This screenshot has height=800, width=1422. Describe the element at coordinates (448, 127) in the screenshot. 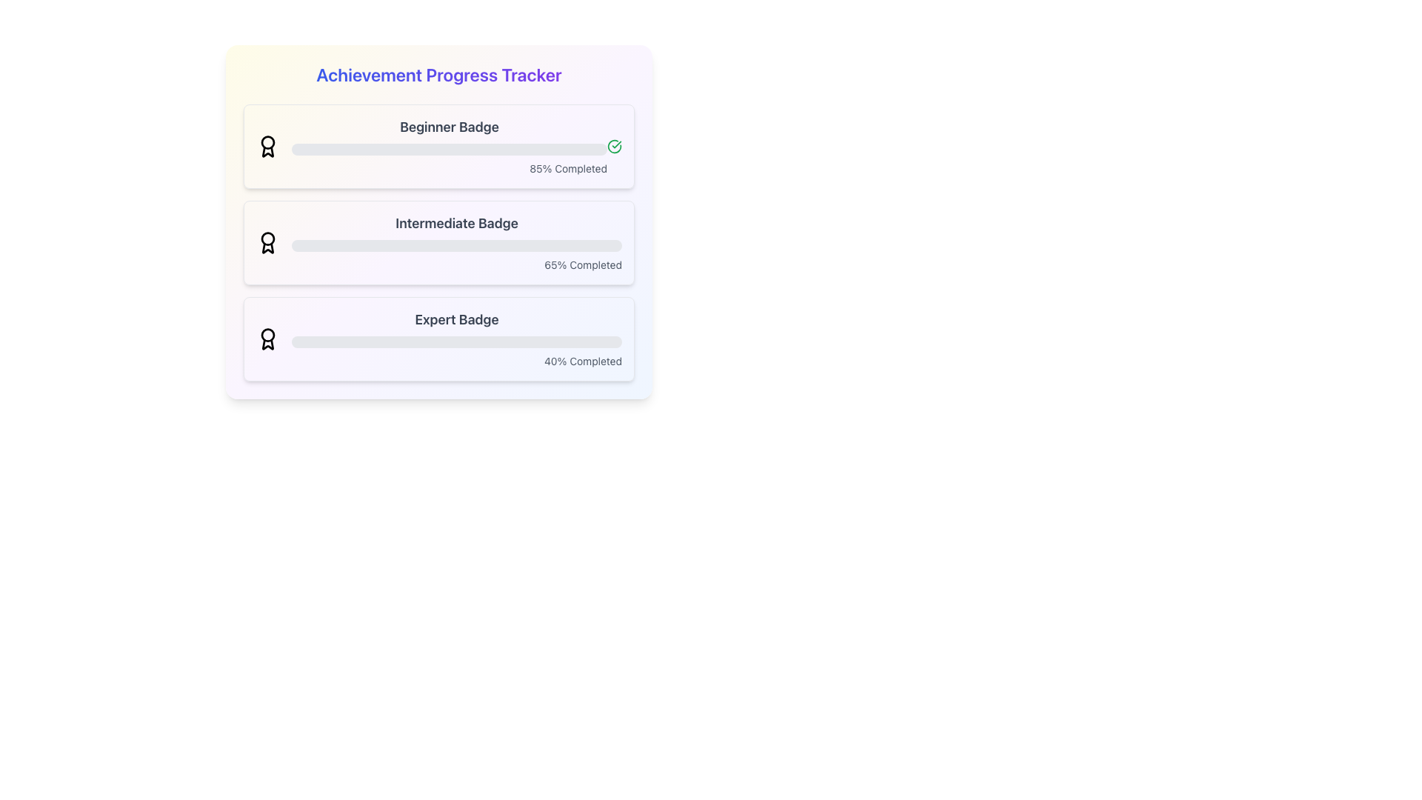

I see `the Text label that serves as a title for the progress bar and badge in the first card of the vertical list` at that location.